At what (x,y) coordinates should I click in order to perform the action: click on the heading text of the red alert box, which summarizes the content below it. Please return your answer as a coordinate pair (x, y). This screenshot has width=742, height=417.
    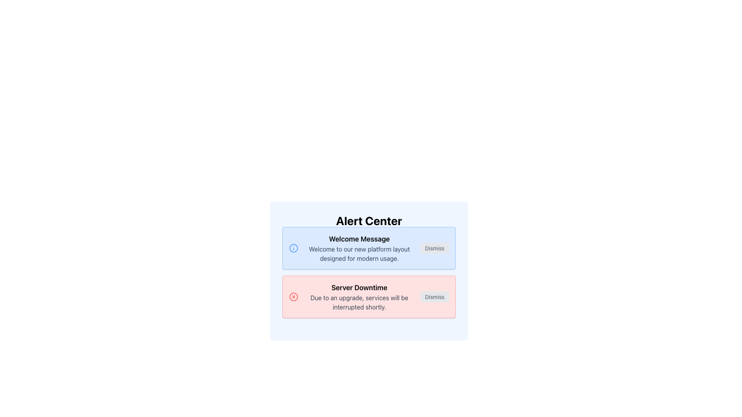
    Looking at the image, I should click on (359, 294).